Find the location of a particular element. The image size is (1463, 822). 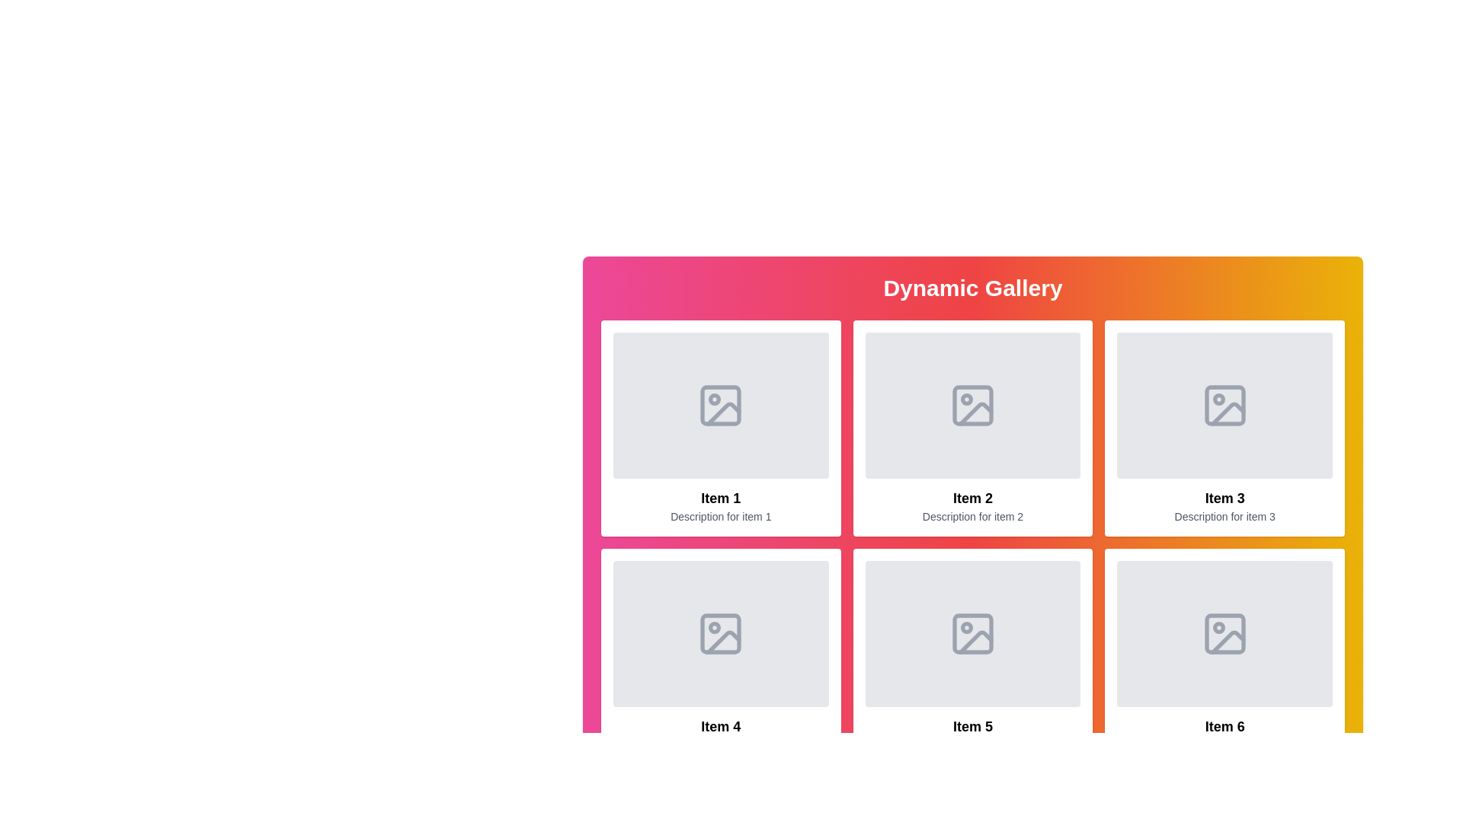

the SVG icon resembling an image symbol, which is styled in light gray and located within the box labeled 'Item 5' in the 2x3 grid under the title 'Dynamic Gallery' is located at coordinates (972, 634).